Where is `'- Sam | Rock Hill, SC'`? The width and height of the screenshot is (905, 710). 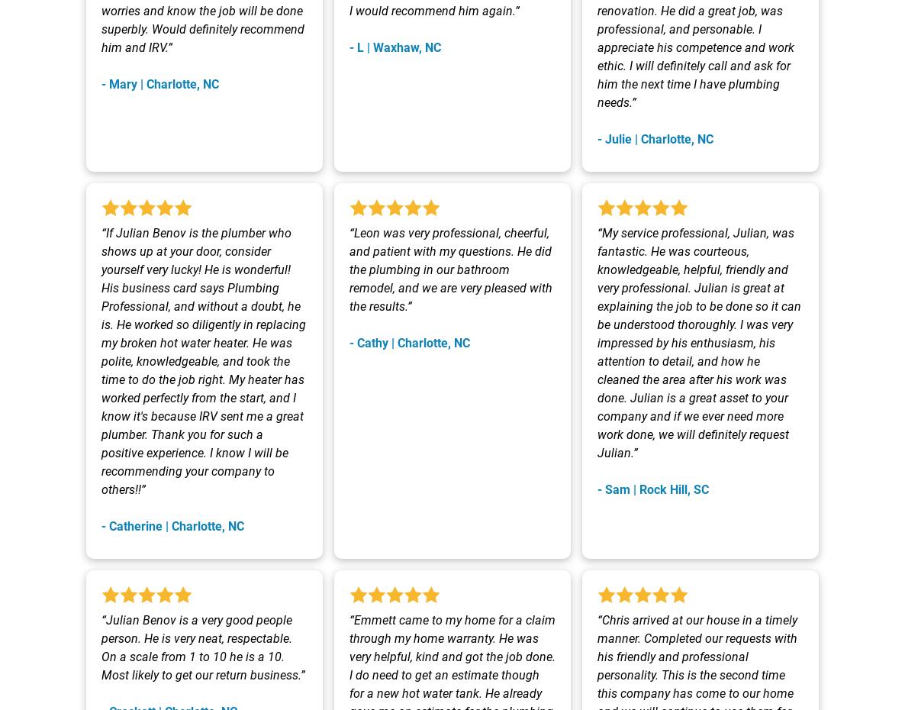
'- Sam | Rock Hill, SC' is located at coordinates (652, 489).